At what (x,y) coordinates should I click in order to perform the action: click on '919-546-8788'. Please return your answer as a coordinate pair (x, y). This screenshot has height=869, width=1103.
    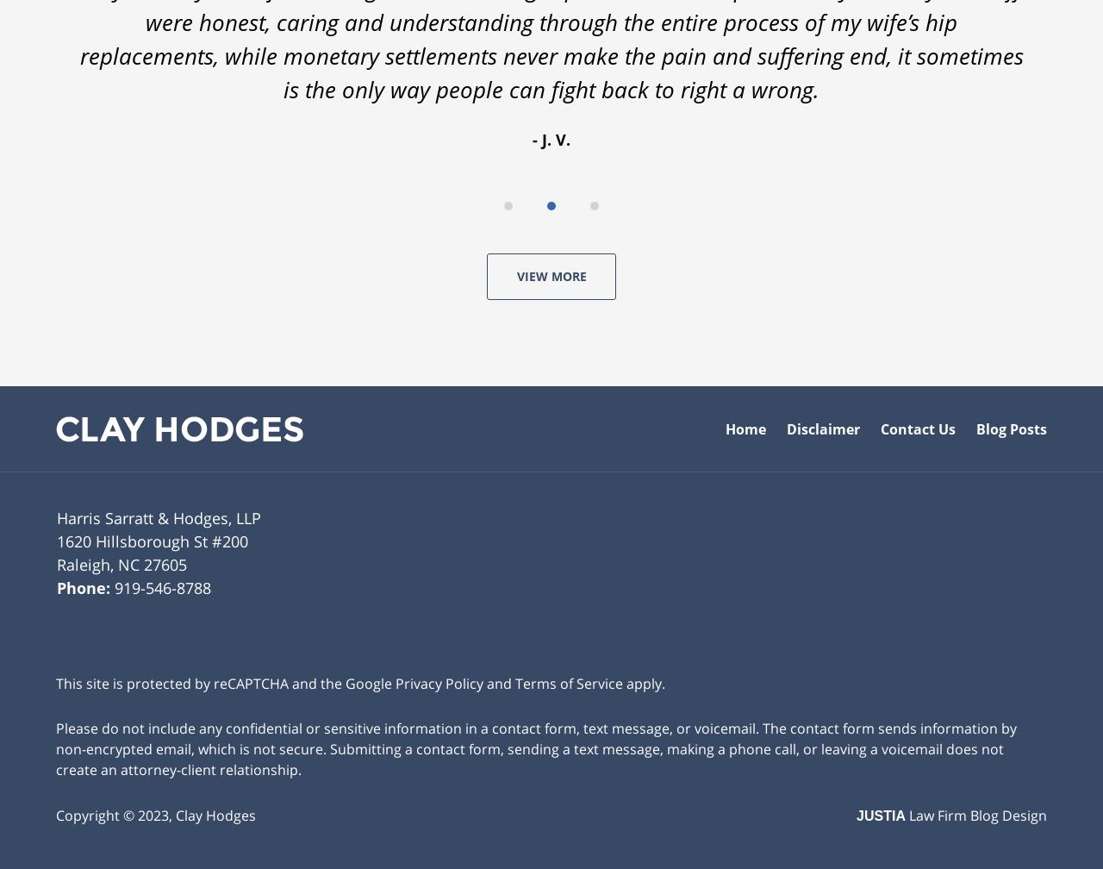
    Looking at the image, I should click on (163, 583).